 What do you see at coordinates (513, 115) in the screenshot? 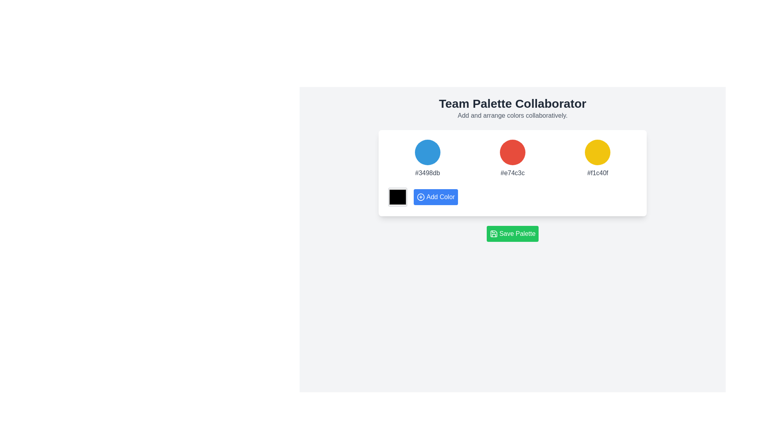
I see `the Text Label displaying 'Add and arrange colors collaboratively.' which is located directly below the heading 'Team Palette Collaborator.'` at bounding box center [513, 115].